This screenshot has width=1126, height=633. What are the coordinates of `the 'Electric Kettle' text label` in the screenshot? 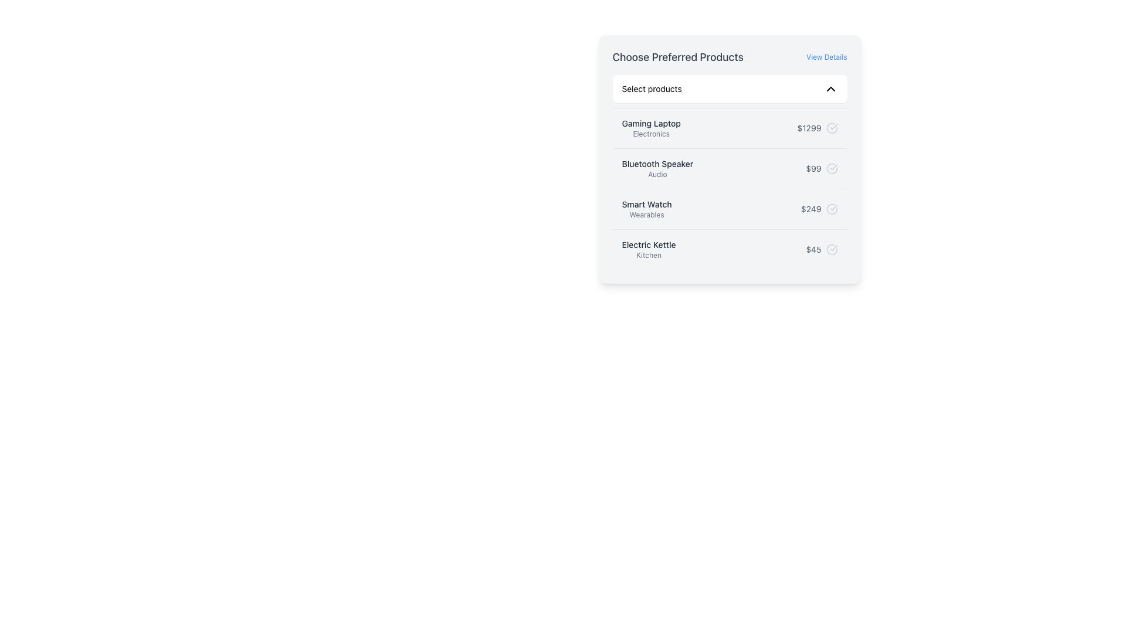 It's located at (648, 244).